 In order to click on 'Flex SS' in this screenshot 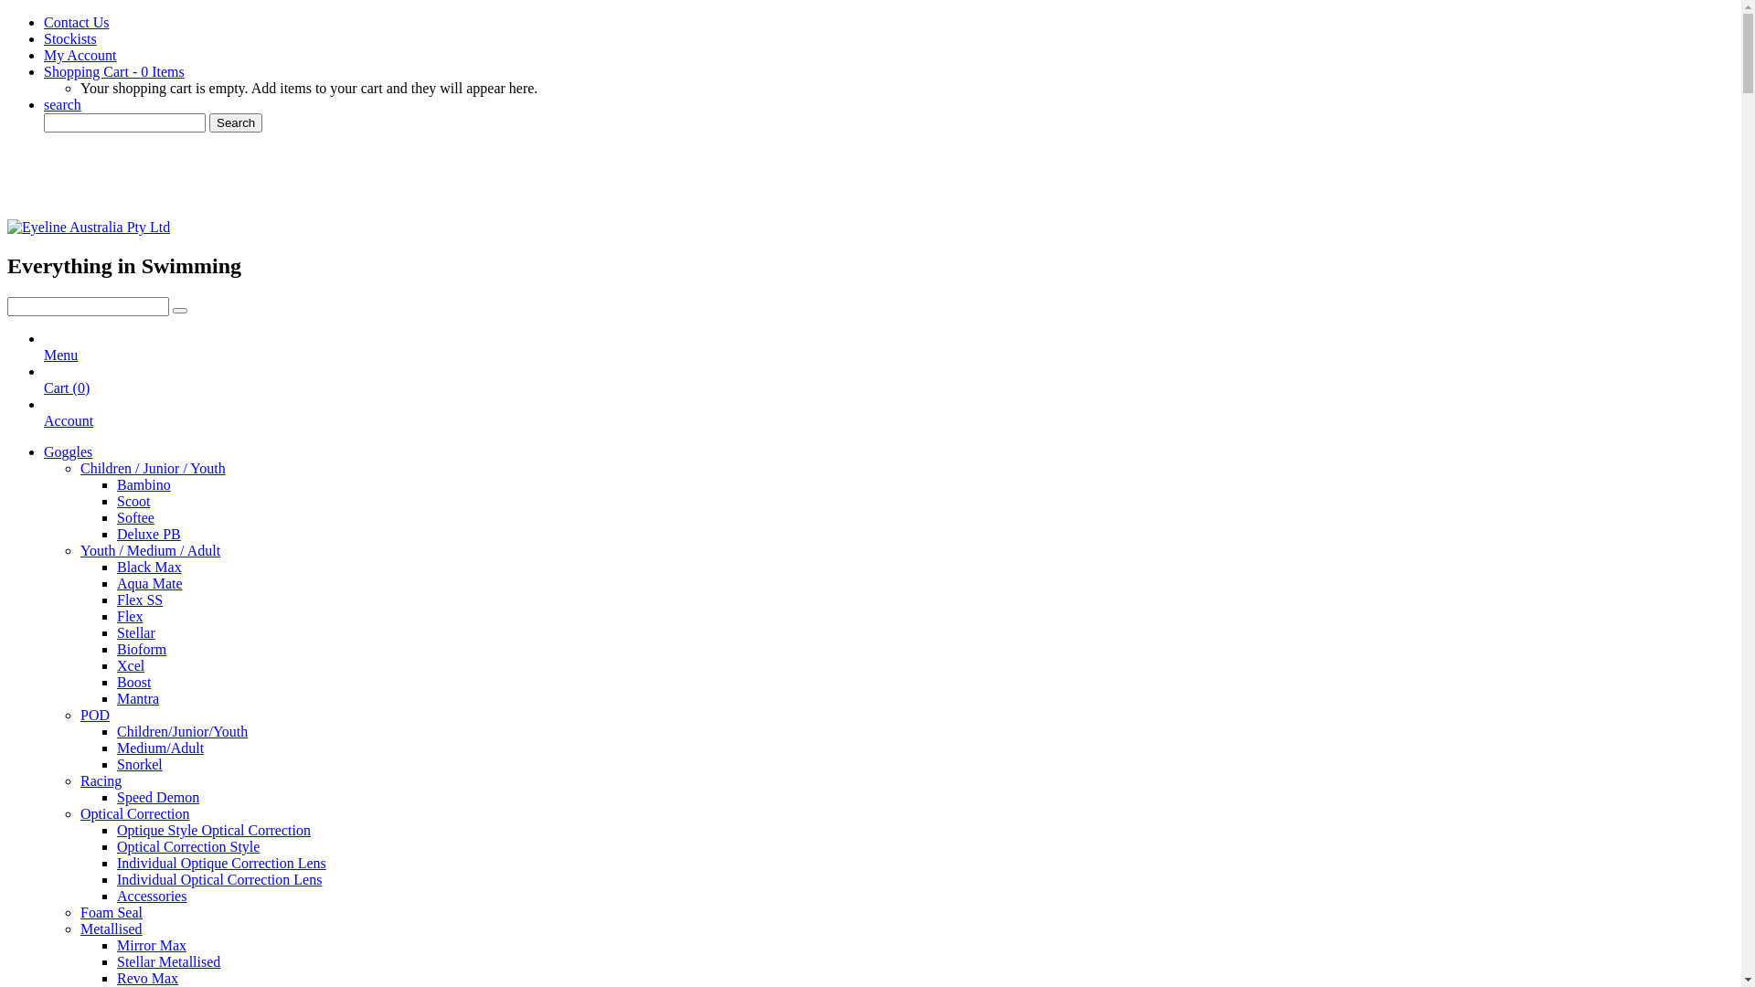, I will do `click(139, 600)`.